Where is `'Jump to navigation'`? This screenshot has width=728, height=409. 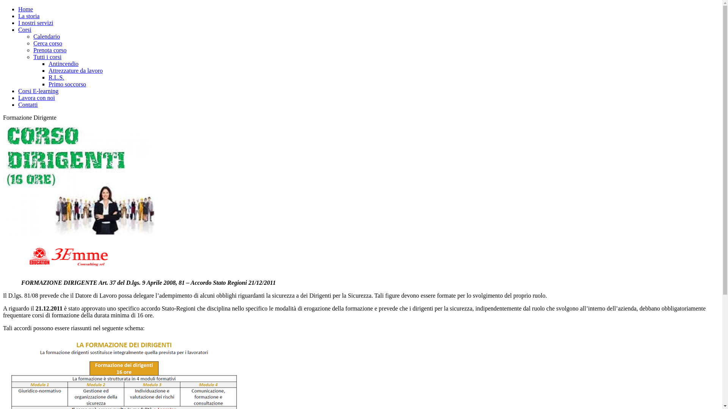
'Jump to navigation' is located at coordinates (26, 6).